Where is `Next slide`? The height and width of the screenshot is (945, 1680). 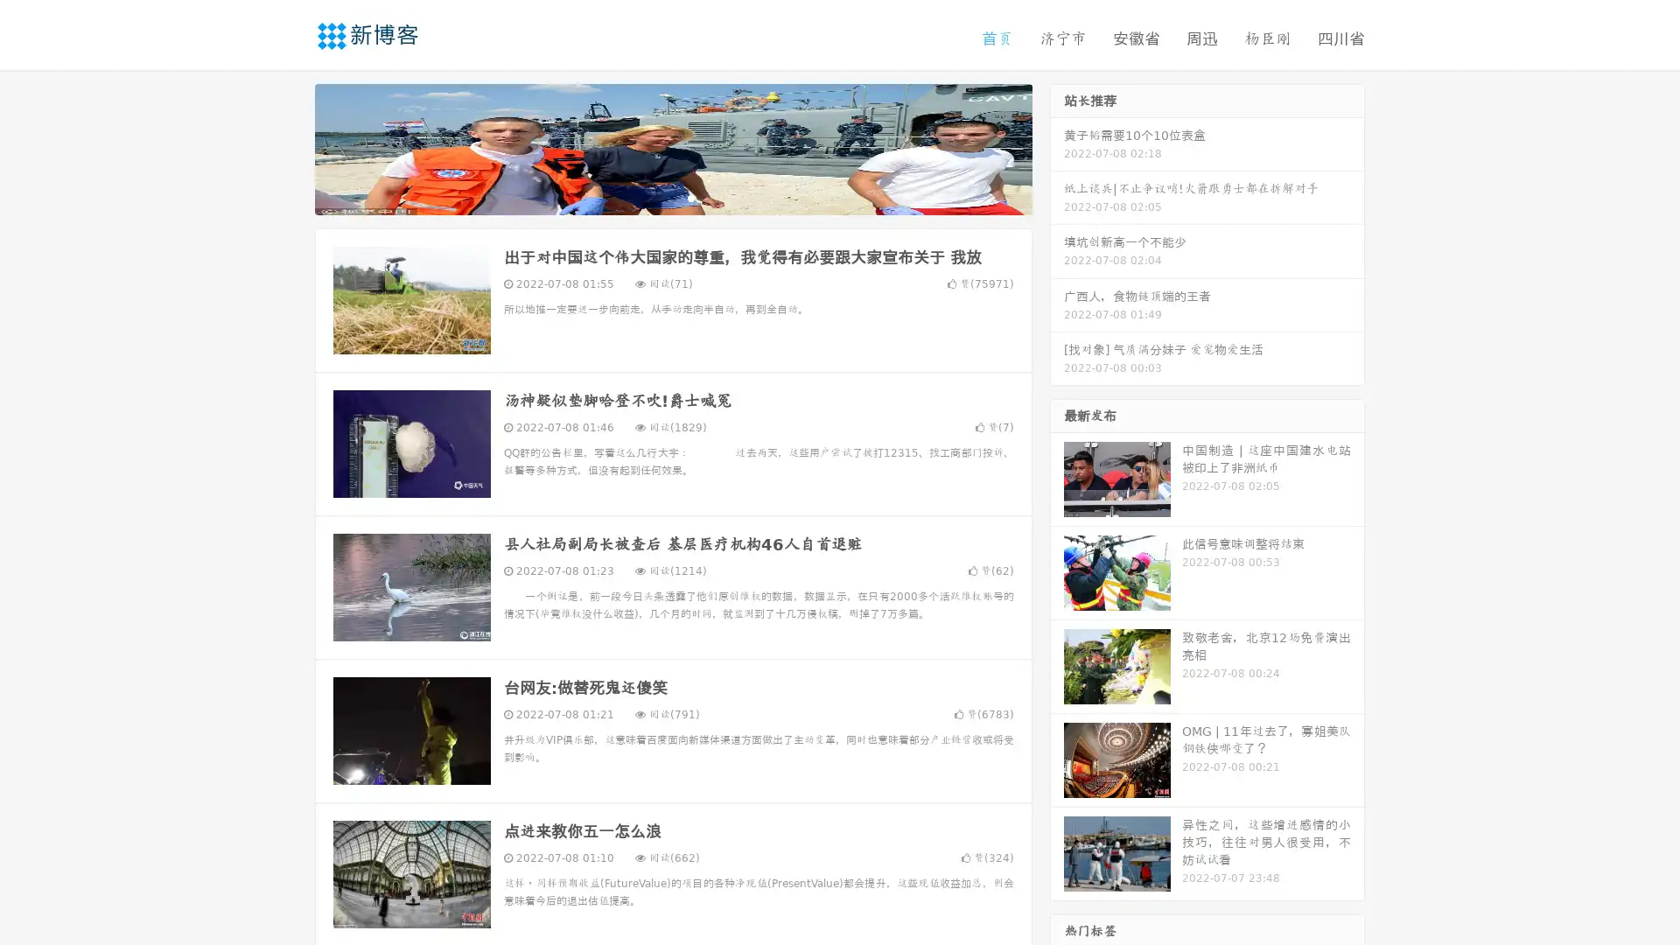
Next slide is located at coordinates (1057, 147).